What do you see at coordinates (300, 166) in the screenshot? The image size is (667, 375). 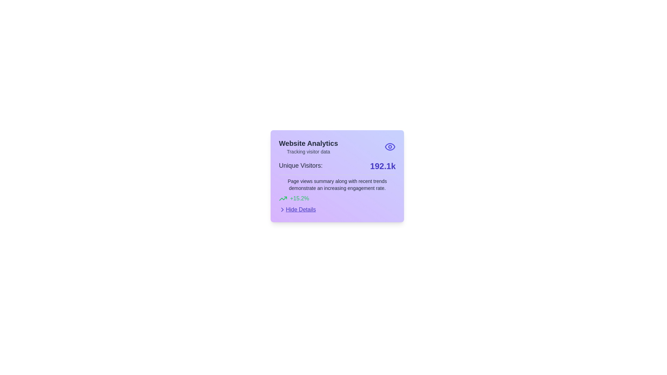 I see `the label indicating the count of unique visitors, which is positioned to the left of the numerical value '192.1k' within the 'Website Analytics' card` at bounding box center [300, 166].